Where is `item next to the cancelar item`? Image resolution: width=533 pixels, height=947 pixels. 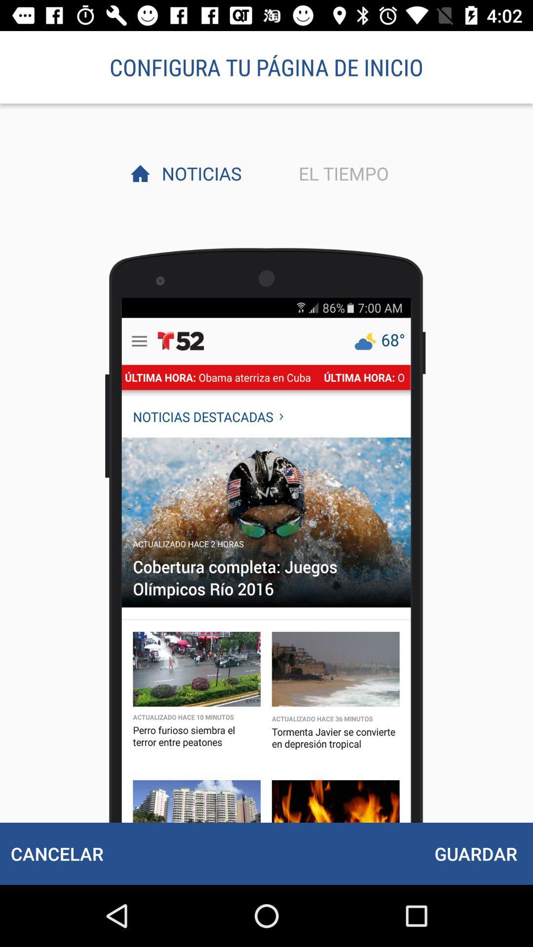 item next to the cancelar item is located at coordinates (475, 853).